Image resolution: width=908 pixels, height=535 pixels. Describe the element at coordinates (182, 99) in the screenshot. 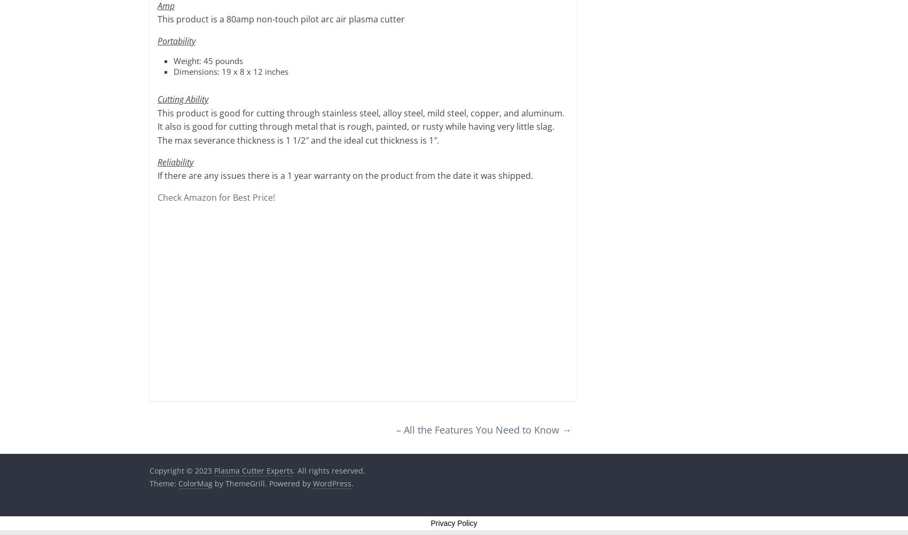

I see `'Cutting Ability'` at that location.